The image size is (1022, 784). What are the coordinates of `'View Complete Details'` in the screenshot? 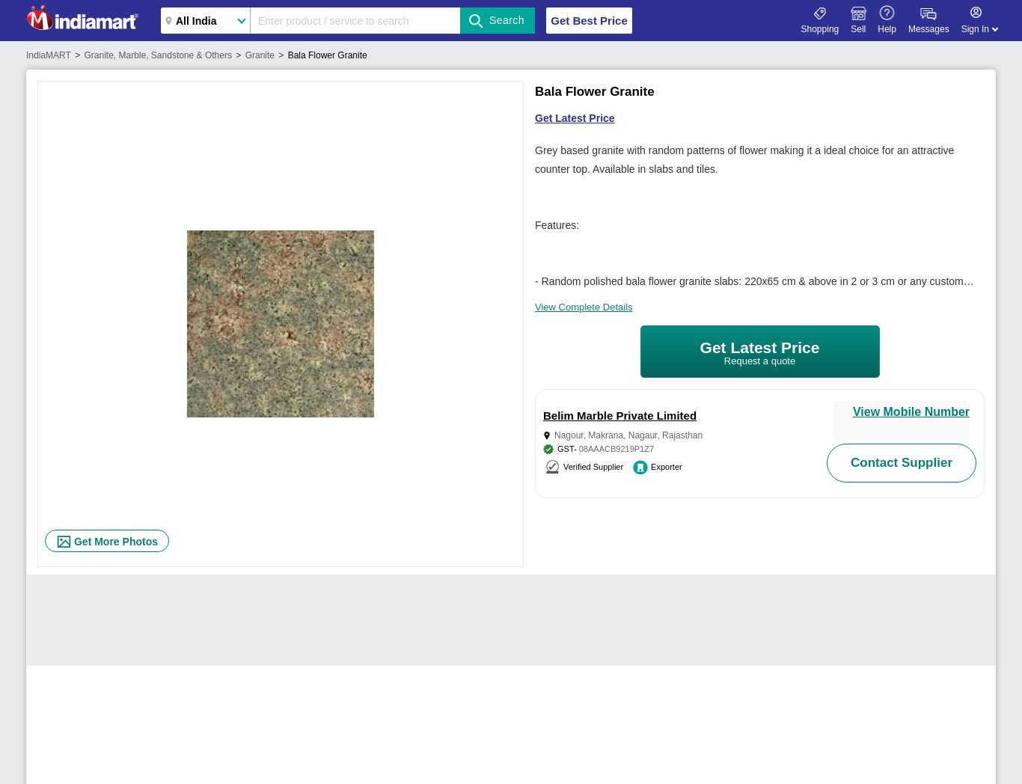 It's located at (583, 307).